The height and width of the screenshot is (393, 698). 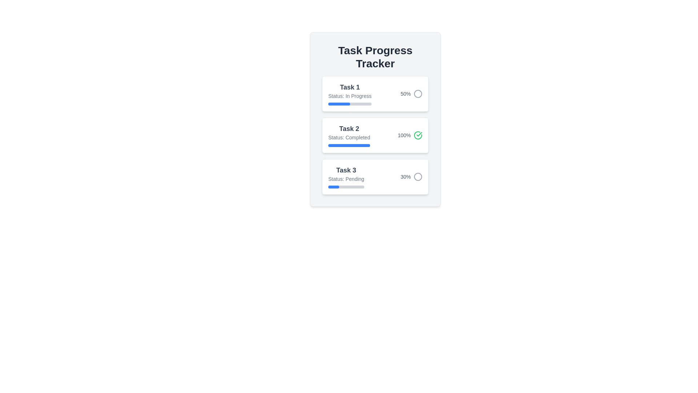 What do you see at coordinates (418, 177) in the screenshot?
I see `circular status indicator icon located within the third task item titled 'Task 3', which shows a pending state, by clicking on it` at bounding box center [418, 177].